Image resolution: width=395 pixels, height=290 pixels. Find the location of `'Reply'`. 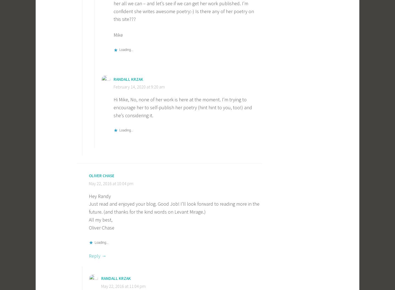

'Reply' is located at coordinates (95, 255).